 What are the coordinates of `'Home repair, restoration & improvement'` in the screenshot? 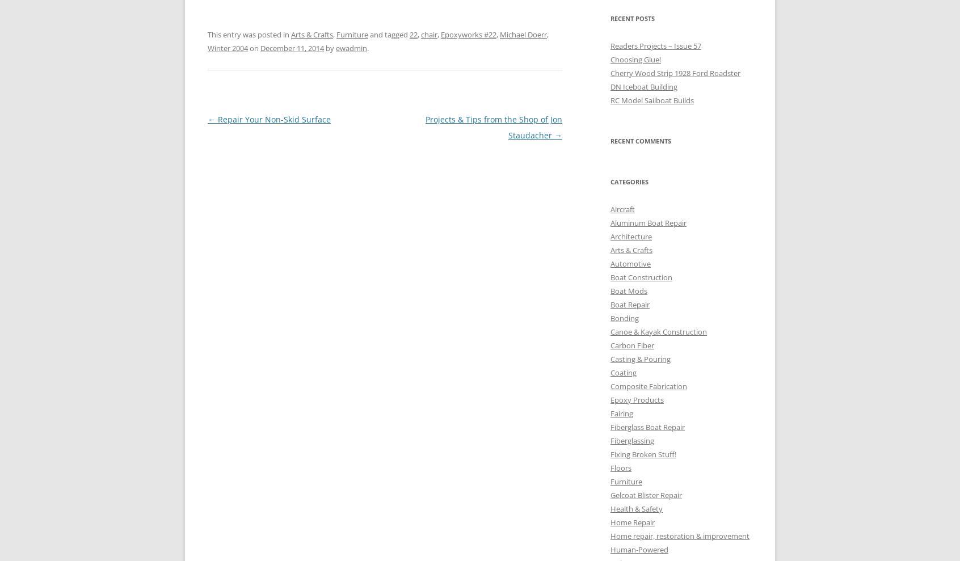 It's located at (679, 535).